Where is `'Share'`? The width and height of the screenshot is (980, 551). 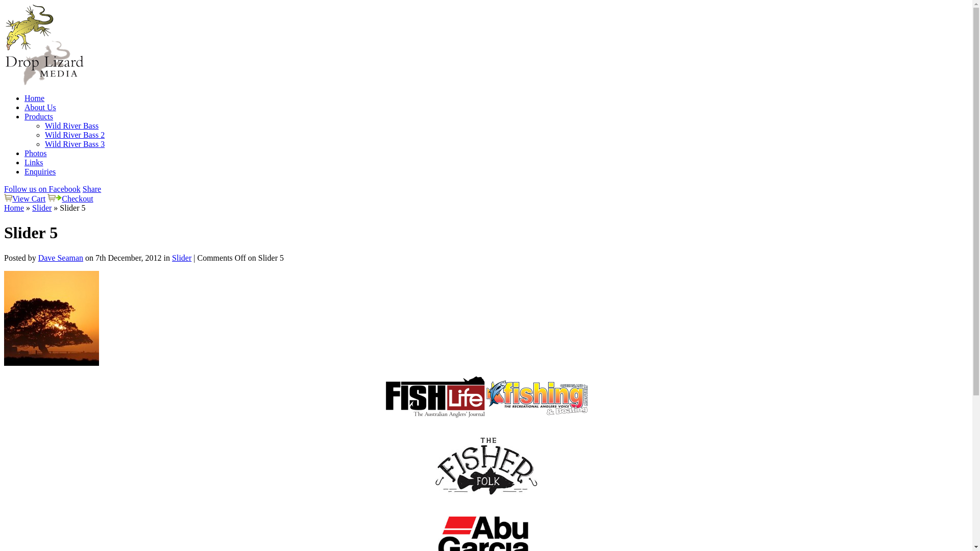
'Share' is located at coordinates (92, 189).